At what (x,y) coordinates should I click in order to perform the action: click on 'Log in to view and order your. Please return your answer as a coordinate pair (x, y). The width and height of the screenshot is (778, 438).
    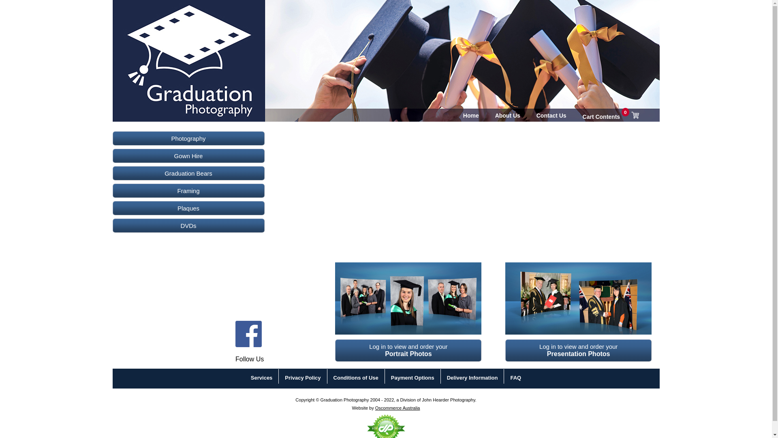
    Looking at the image, I should click on (408, 350).